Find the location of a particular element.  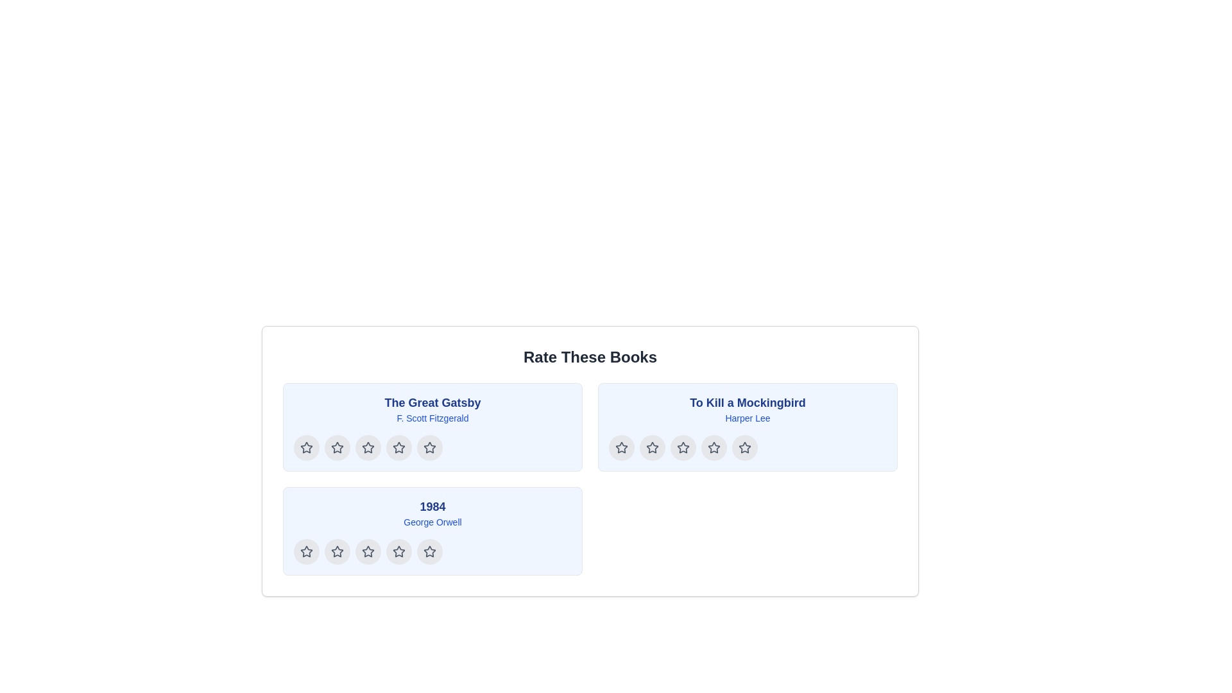

the second star rating button for 'The Great Gatsby' in the 'Rate These Books' interface is located at coordinates (338, 447).